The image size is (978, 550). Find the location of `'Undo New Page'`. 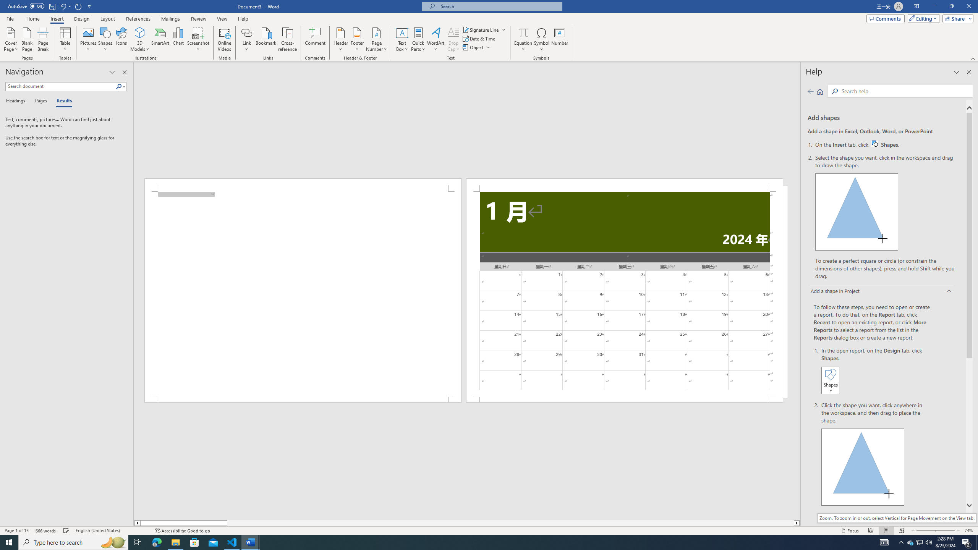

'Undo New Page' is located at coordinates (62, 6).